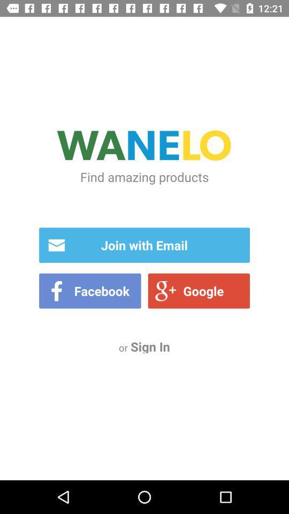 The width and height of the screenshot is (289, 514). Describe the element at coordinates (144, 147) in the screenshot. I see `the wanelo item` at that location.